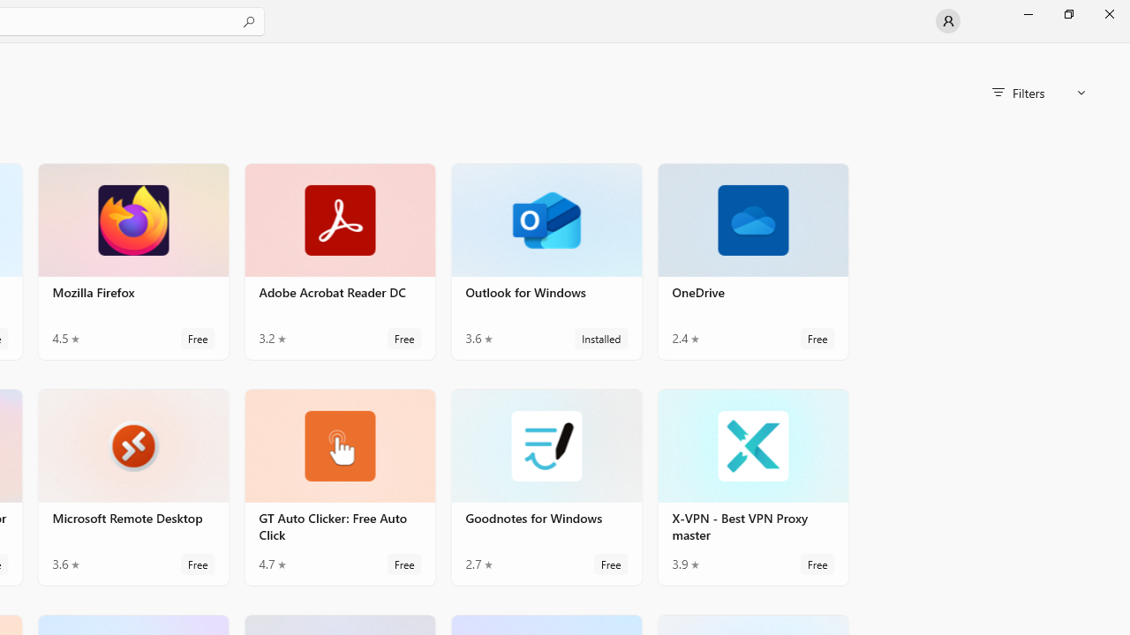 This screenshot has width=1130, height=635. Describe the element at coordinates (1038, 93) in the screenshot. I see `'Filters'` at that location.